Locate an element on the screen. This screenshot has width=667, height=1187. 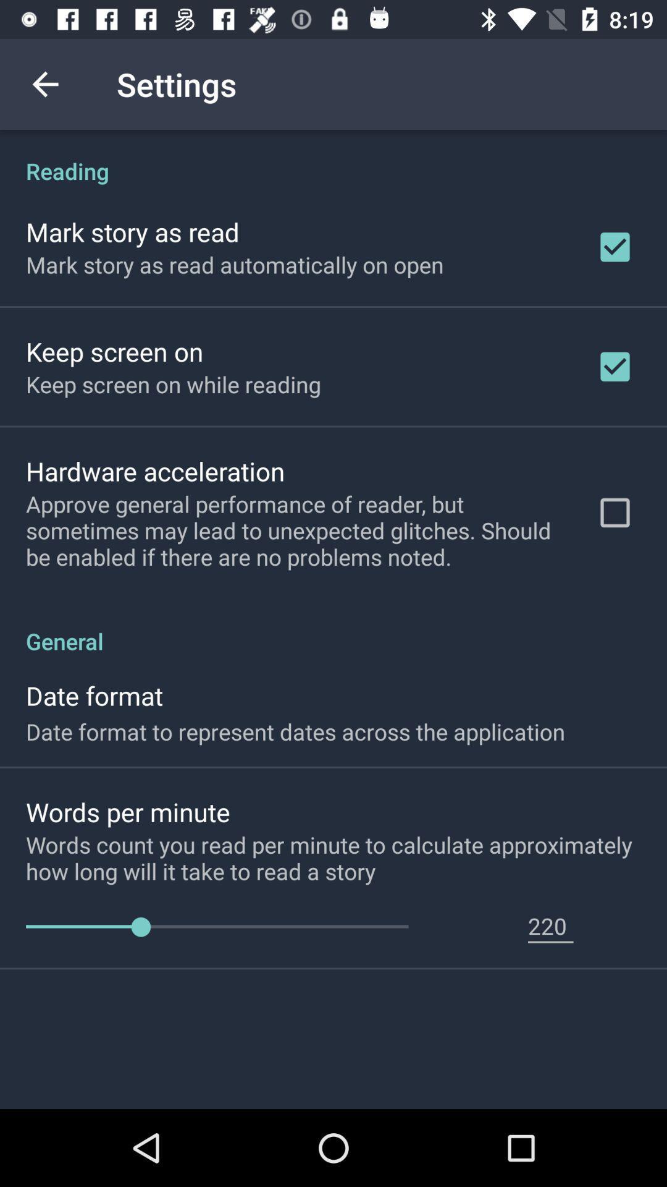
item below 220 is located at coordinates (550, 941).